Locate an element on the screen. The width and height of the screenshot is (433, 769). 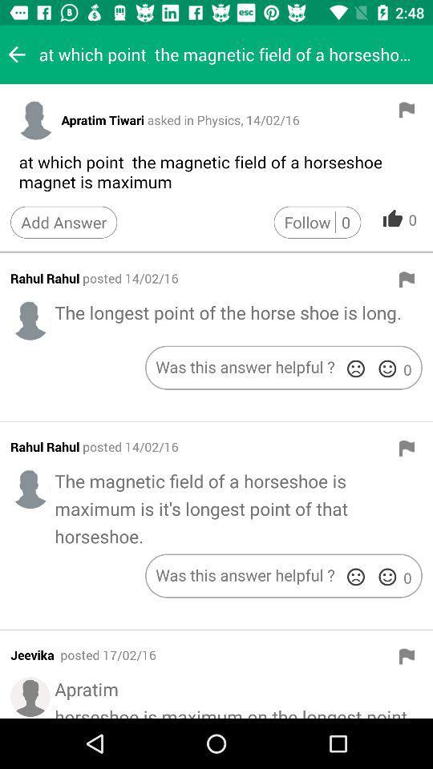
to rate a bad answer is located at coordinates (355, 577).